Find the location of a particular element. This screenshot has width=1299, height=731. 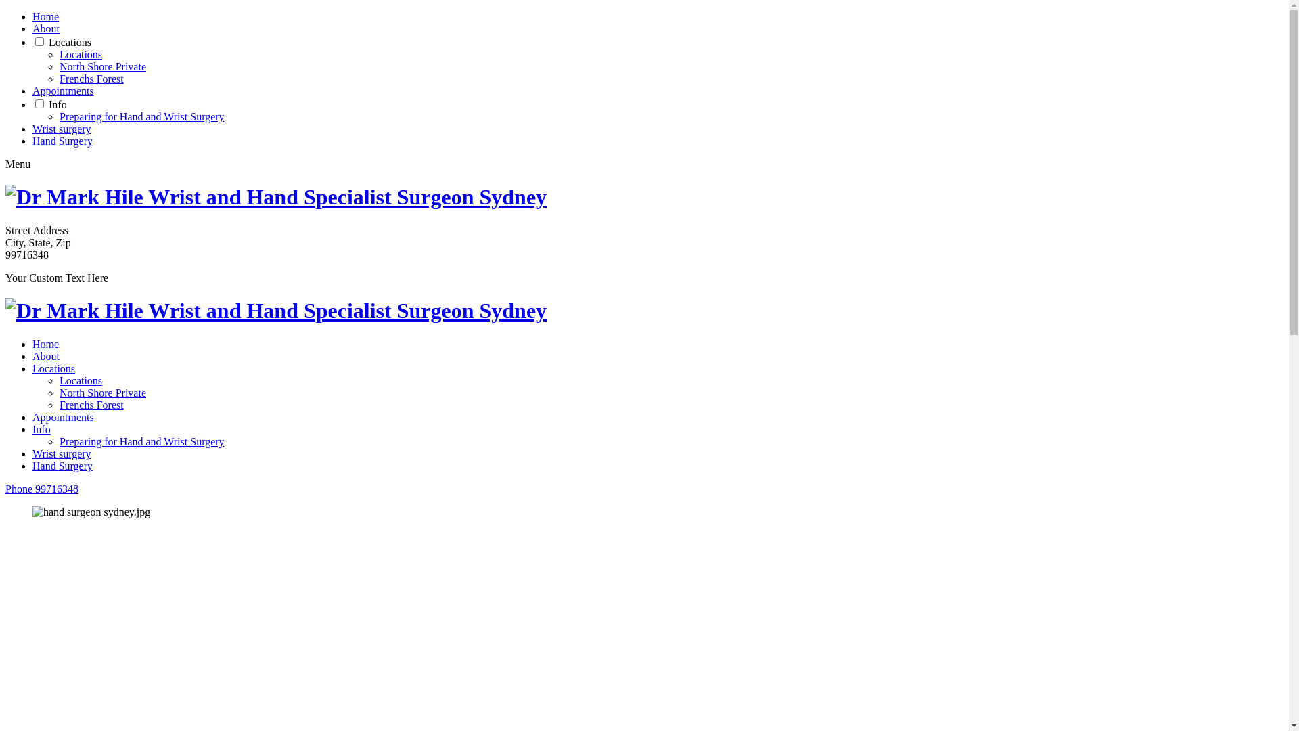

'Preparing for Hand and Wrist Surgery' is located at coordinates (142, 441).